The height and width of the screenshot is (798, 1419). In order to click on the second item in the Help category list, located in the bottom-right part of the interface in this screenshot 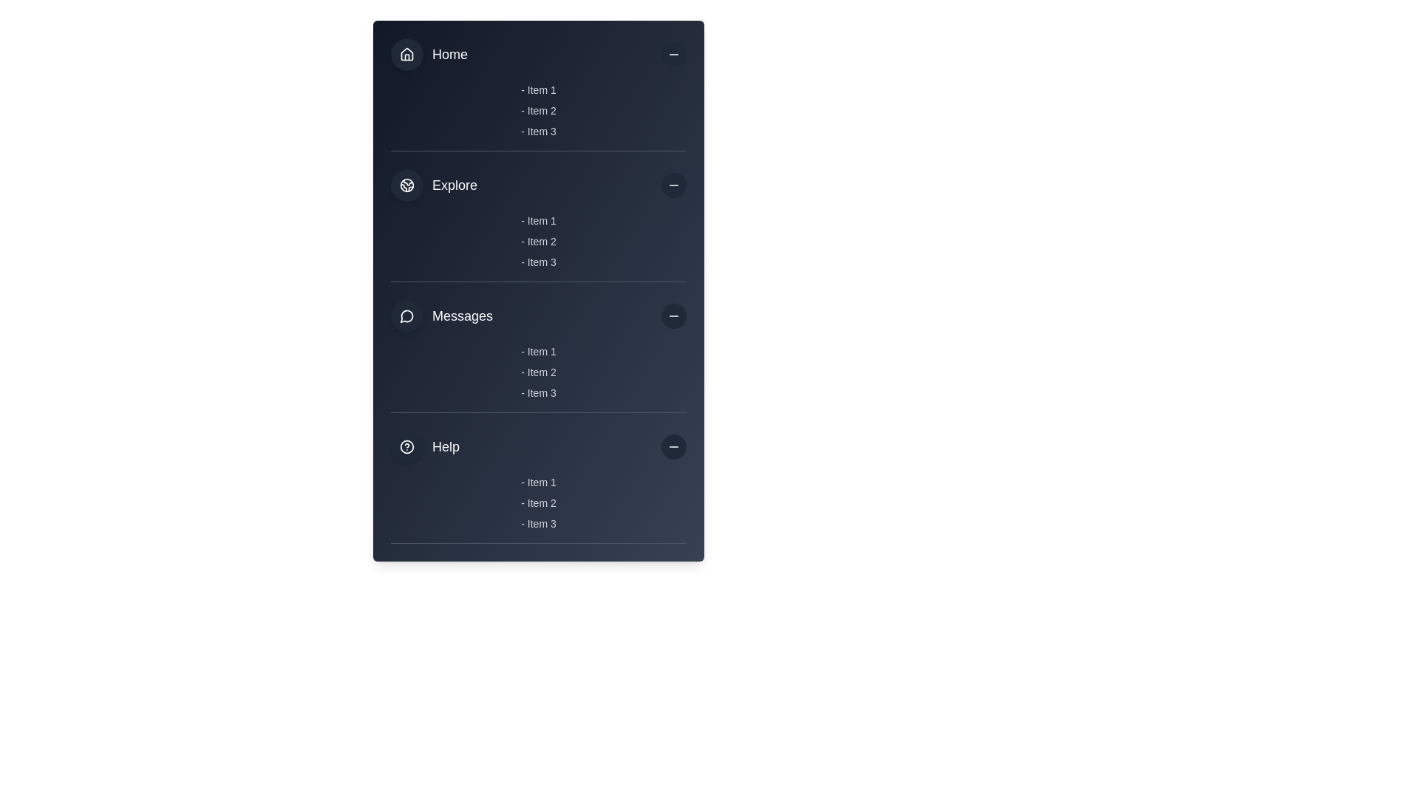, I will do `click(538, 502)`.